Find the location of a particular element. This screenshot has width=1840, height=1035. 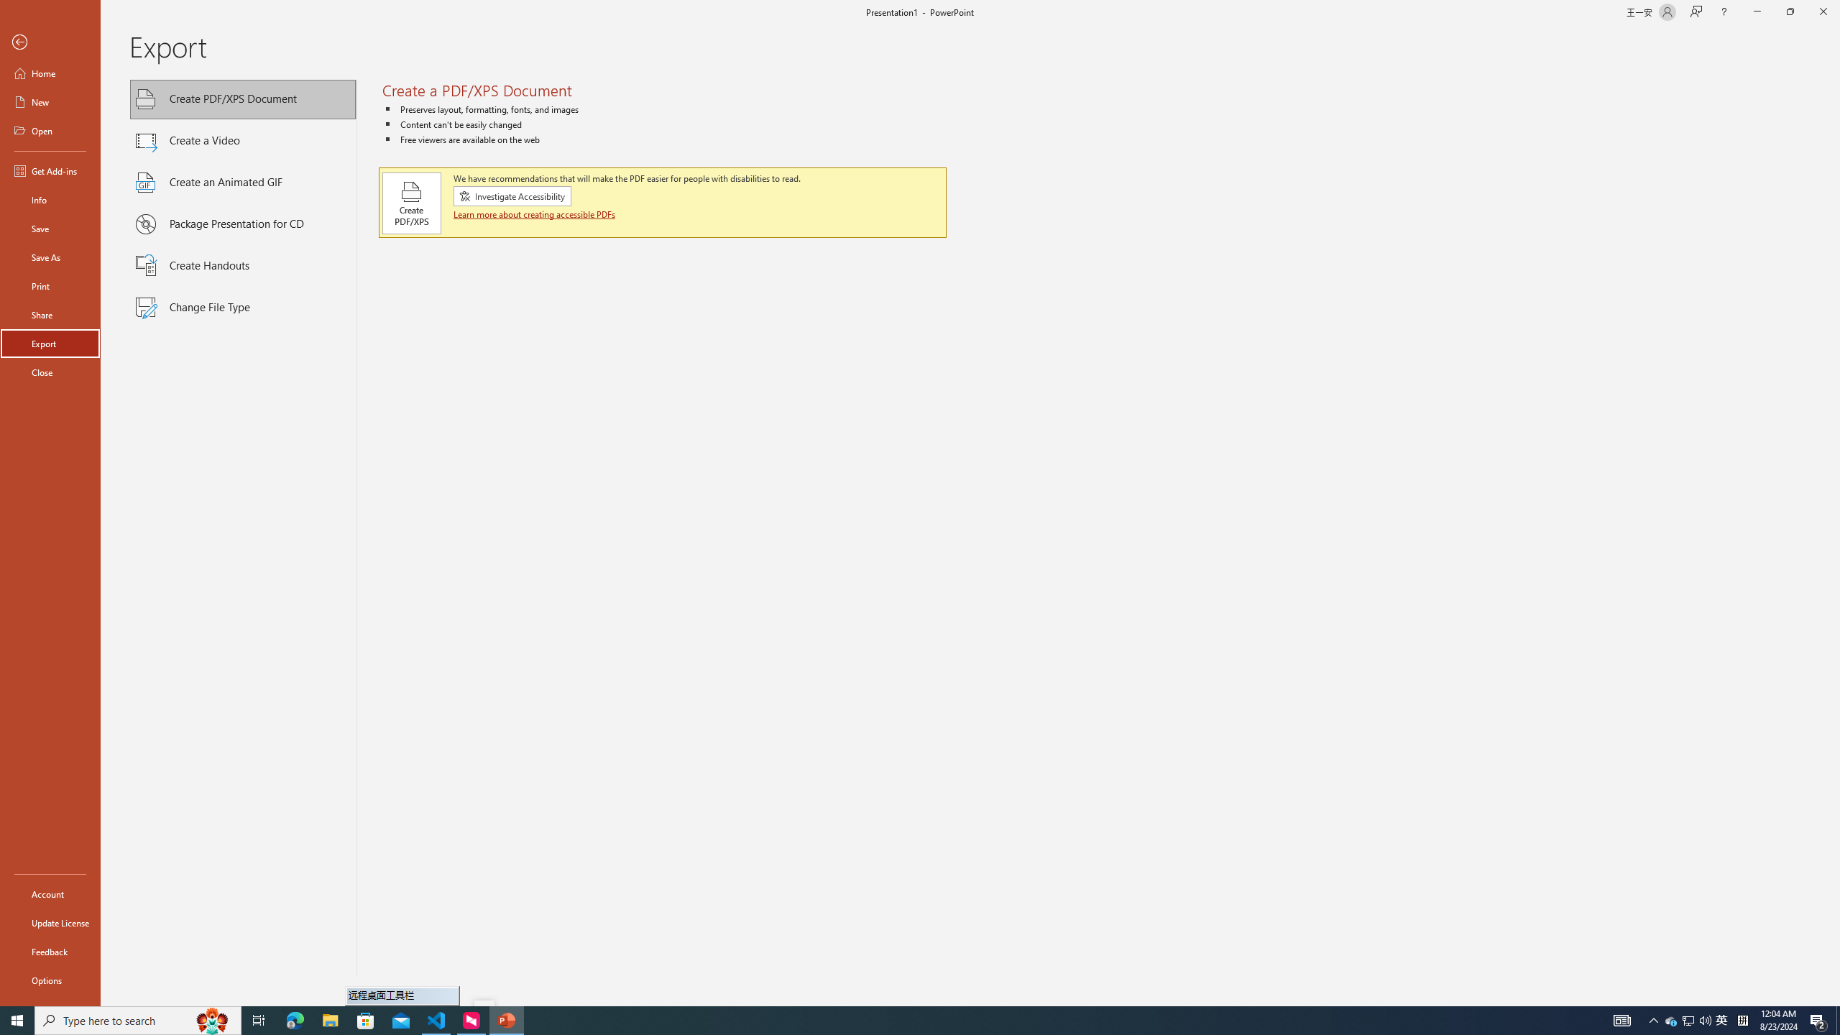

'Package Presentation for CD' is located at coordinates (243, 224).